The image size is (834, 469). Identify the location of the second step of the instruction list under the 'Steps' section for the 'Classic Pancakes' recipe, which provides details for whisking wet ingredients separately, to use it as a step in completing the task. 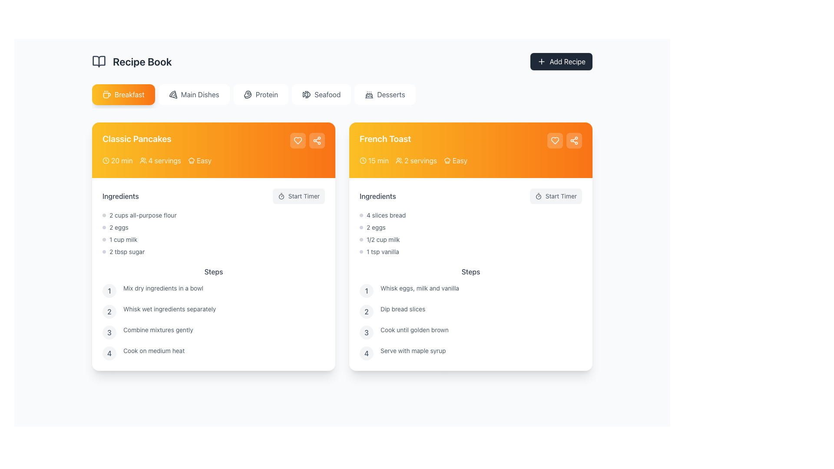
(213, 311).